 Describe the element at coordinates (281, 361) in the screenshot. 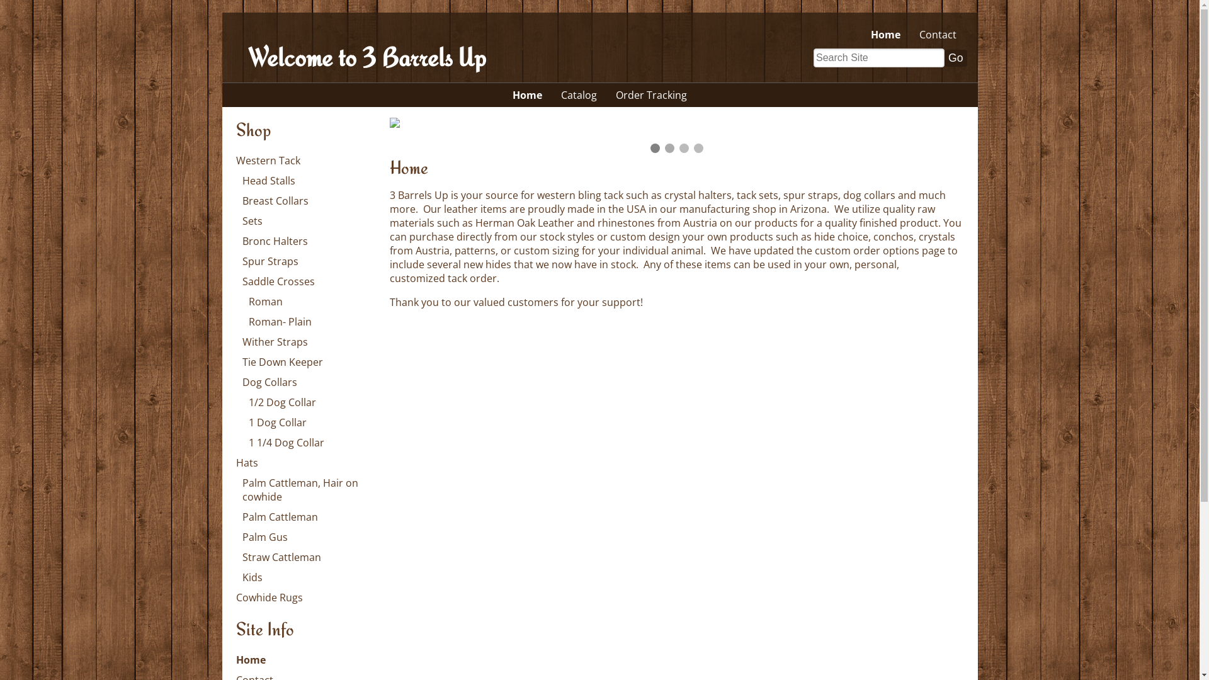

I see `'Tie Down Keeper'` at that location.